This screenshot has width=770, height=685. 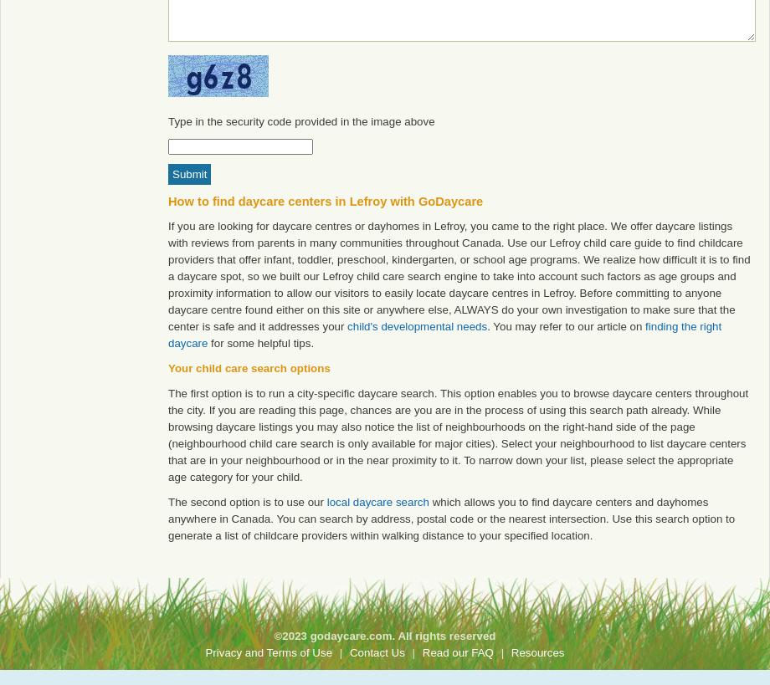 What do you see at coordinates (417, 325) in the screenshot?
I see `'child's developmental needs'` at bounding box center [417, 325].